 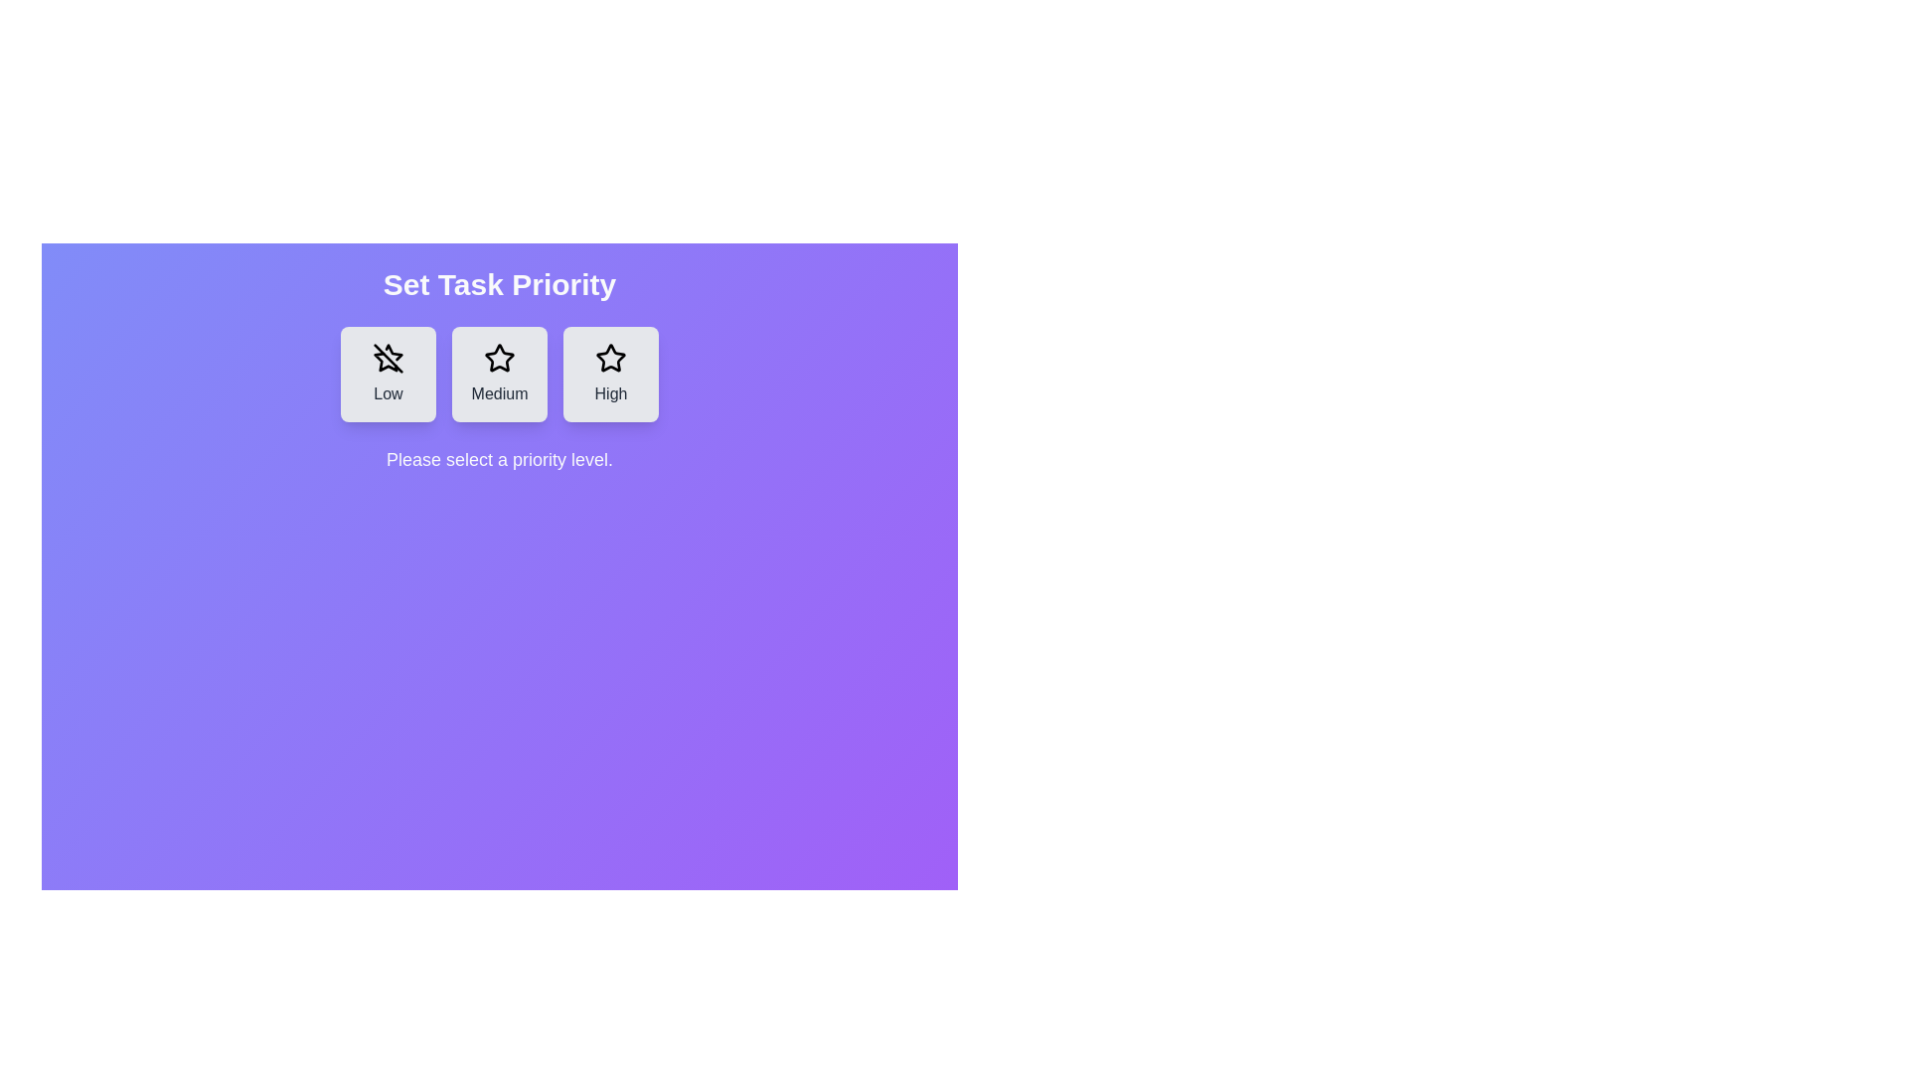 I want to click on the button corresponding to the priority level High, so click(x=609, y=375).